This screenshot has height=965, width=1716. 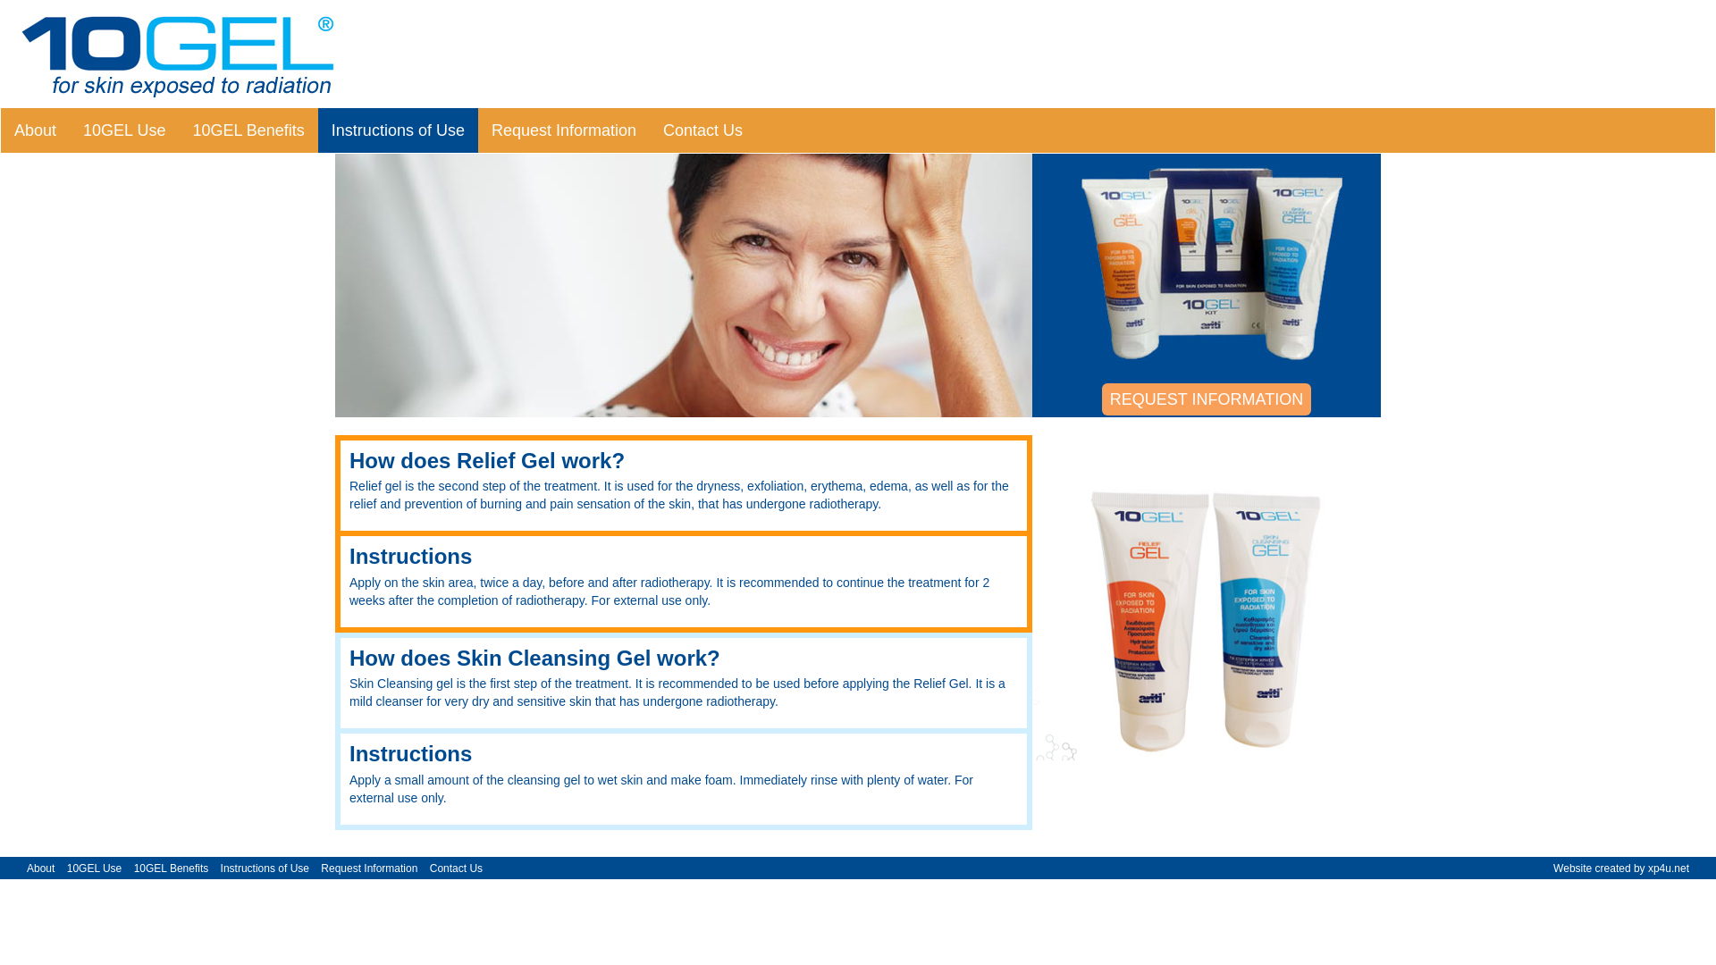 I want to click on '10GEL Benefits', so click(x=247, y=130).